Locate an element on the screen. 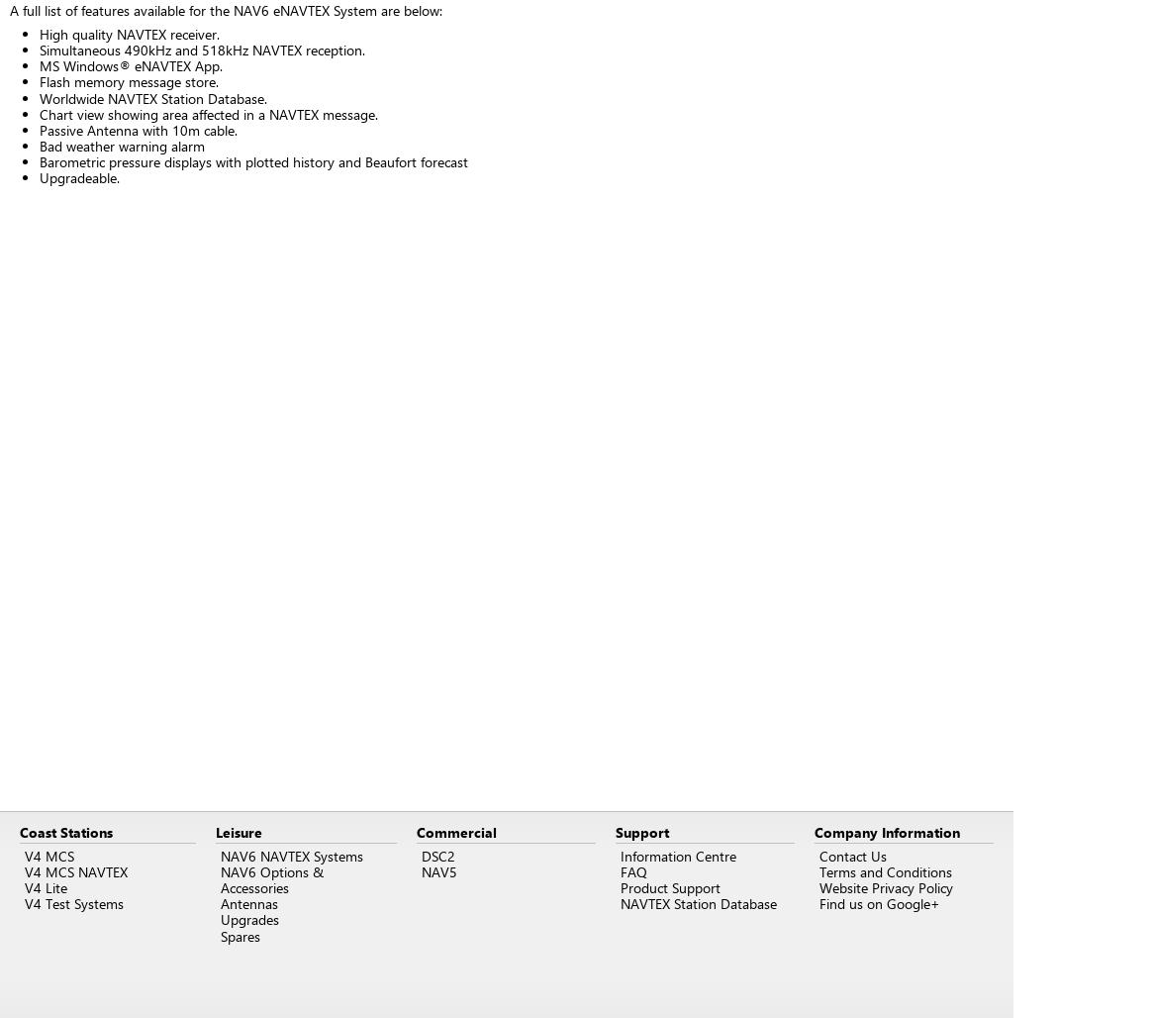 This screenshot has width=1156, height=1018. 'FAQ' is located at coordinates (633, 870).